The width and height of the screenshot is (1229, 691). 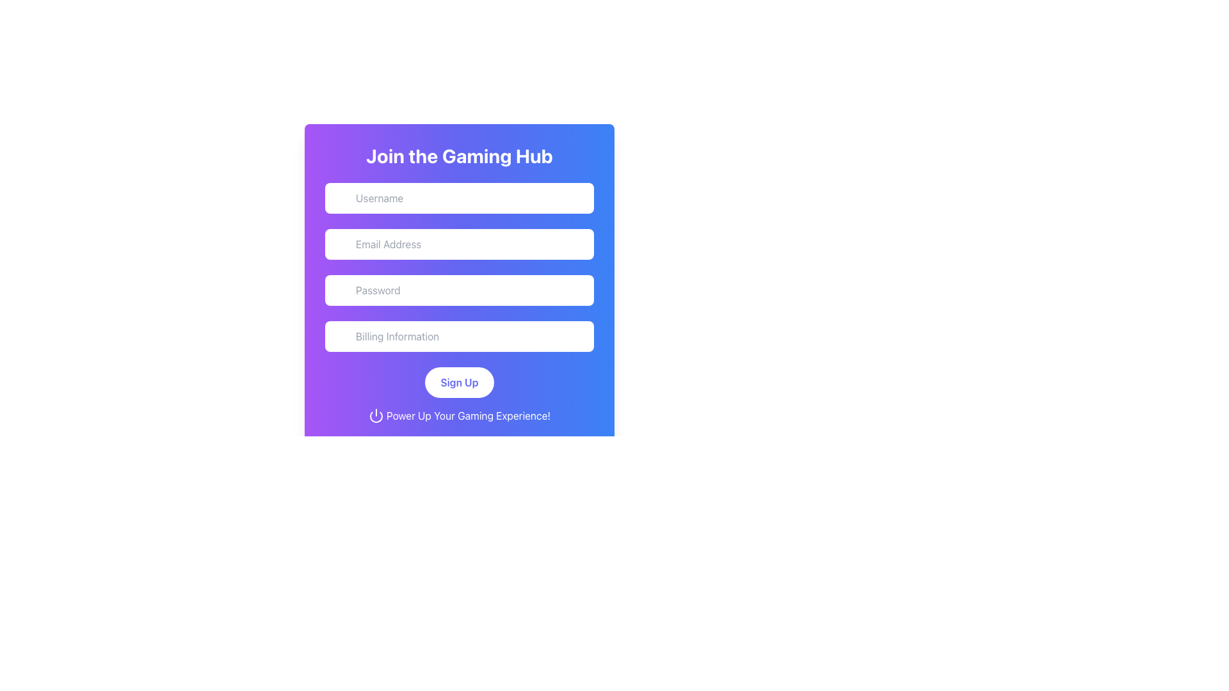 I want to click on the power symbol icon, which features a circle with a vertical line inside it, located near the center of the bottom section of the form interface, to the left of the text 'Power Up Your Gaming Experience!', so click(x=375, y=416).